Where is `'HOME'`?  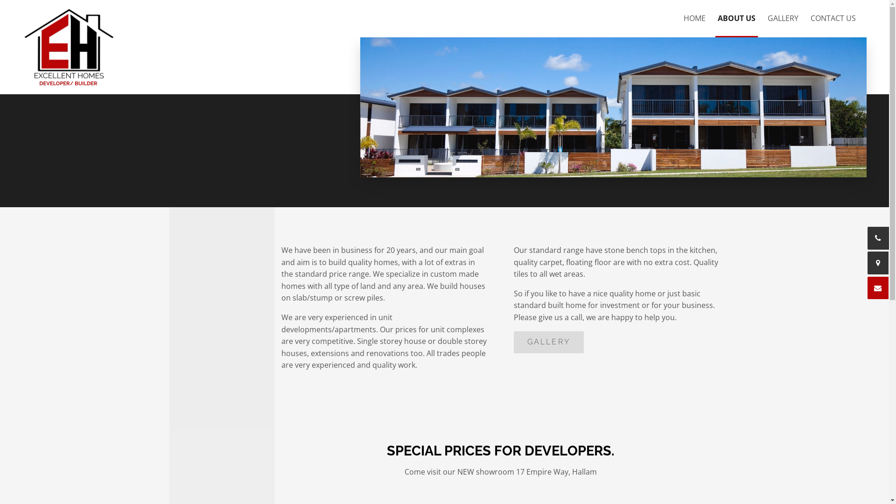
'HOME' is located at coordinates (694, 18).